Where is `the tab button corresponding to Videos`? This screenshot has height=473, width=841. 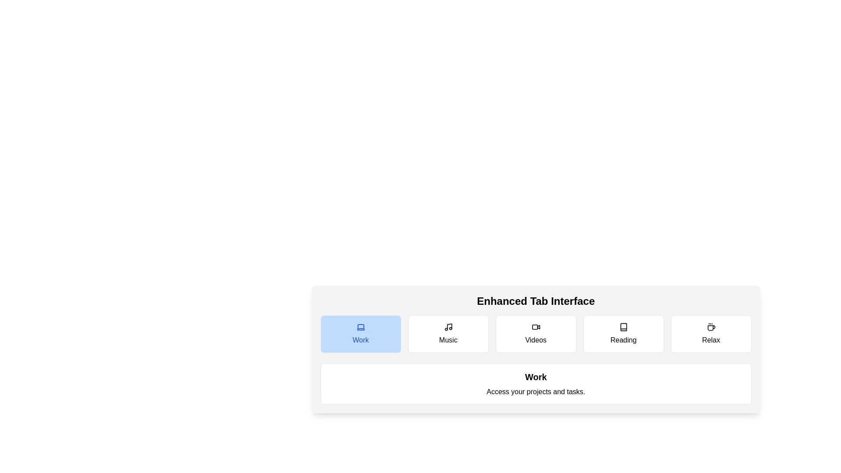
the tab button corresponding to Videos is located at coordinates (535, 334).